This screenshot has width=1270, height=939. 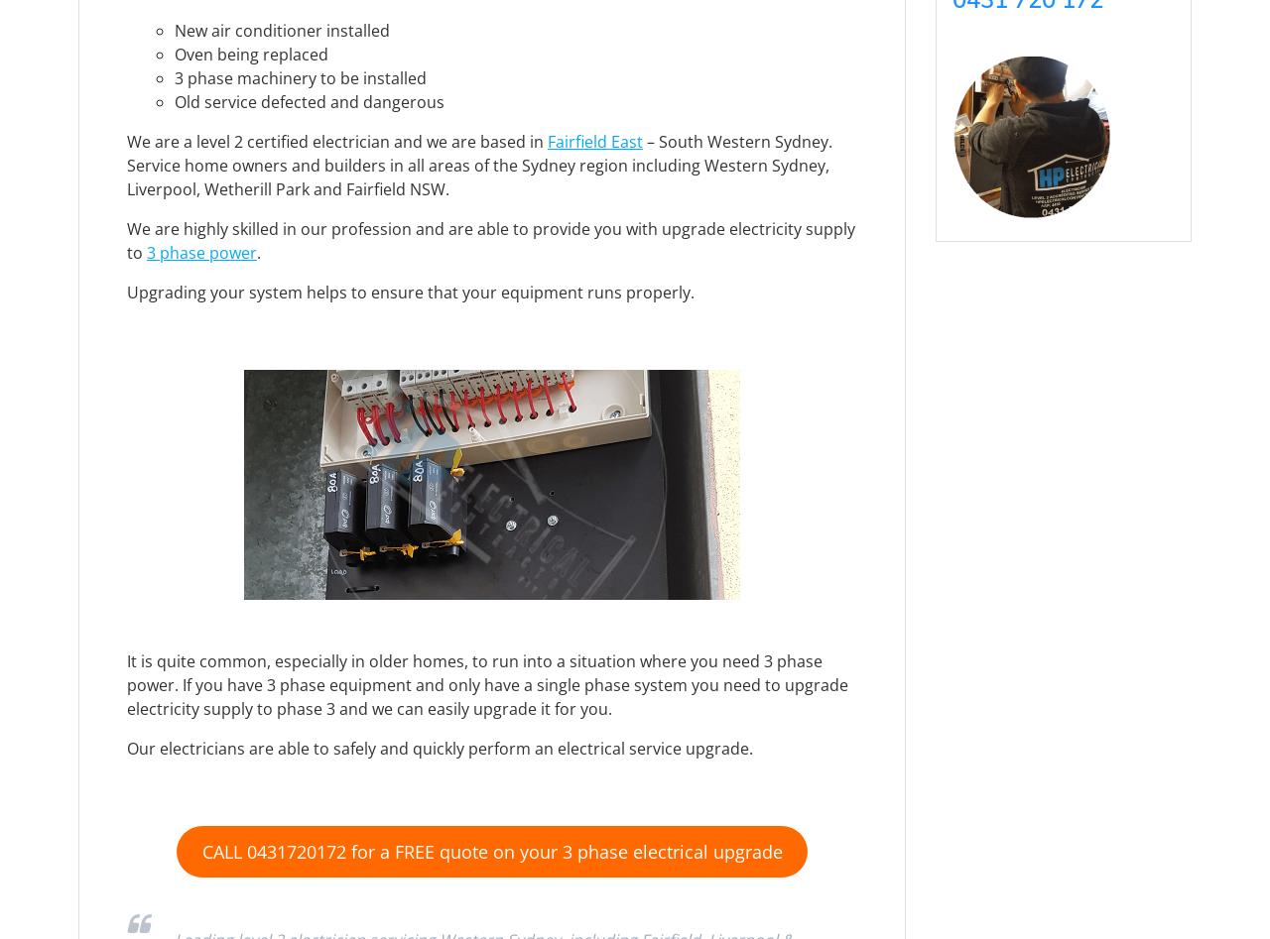 What do you see at coordinates (250, 53) in the screenshot?
I see `'Oven being replaced'` at bounding box center [250, 53].